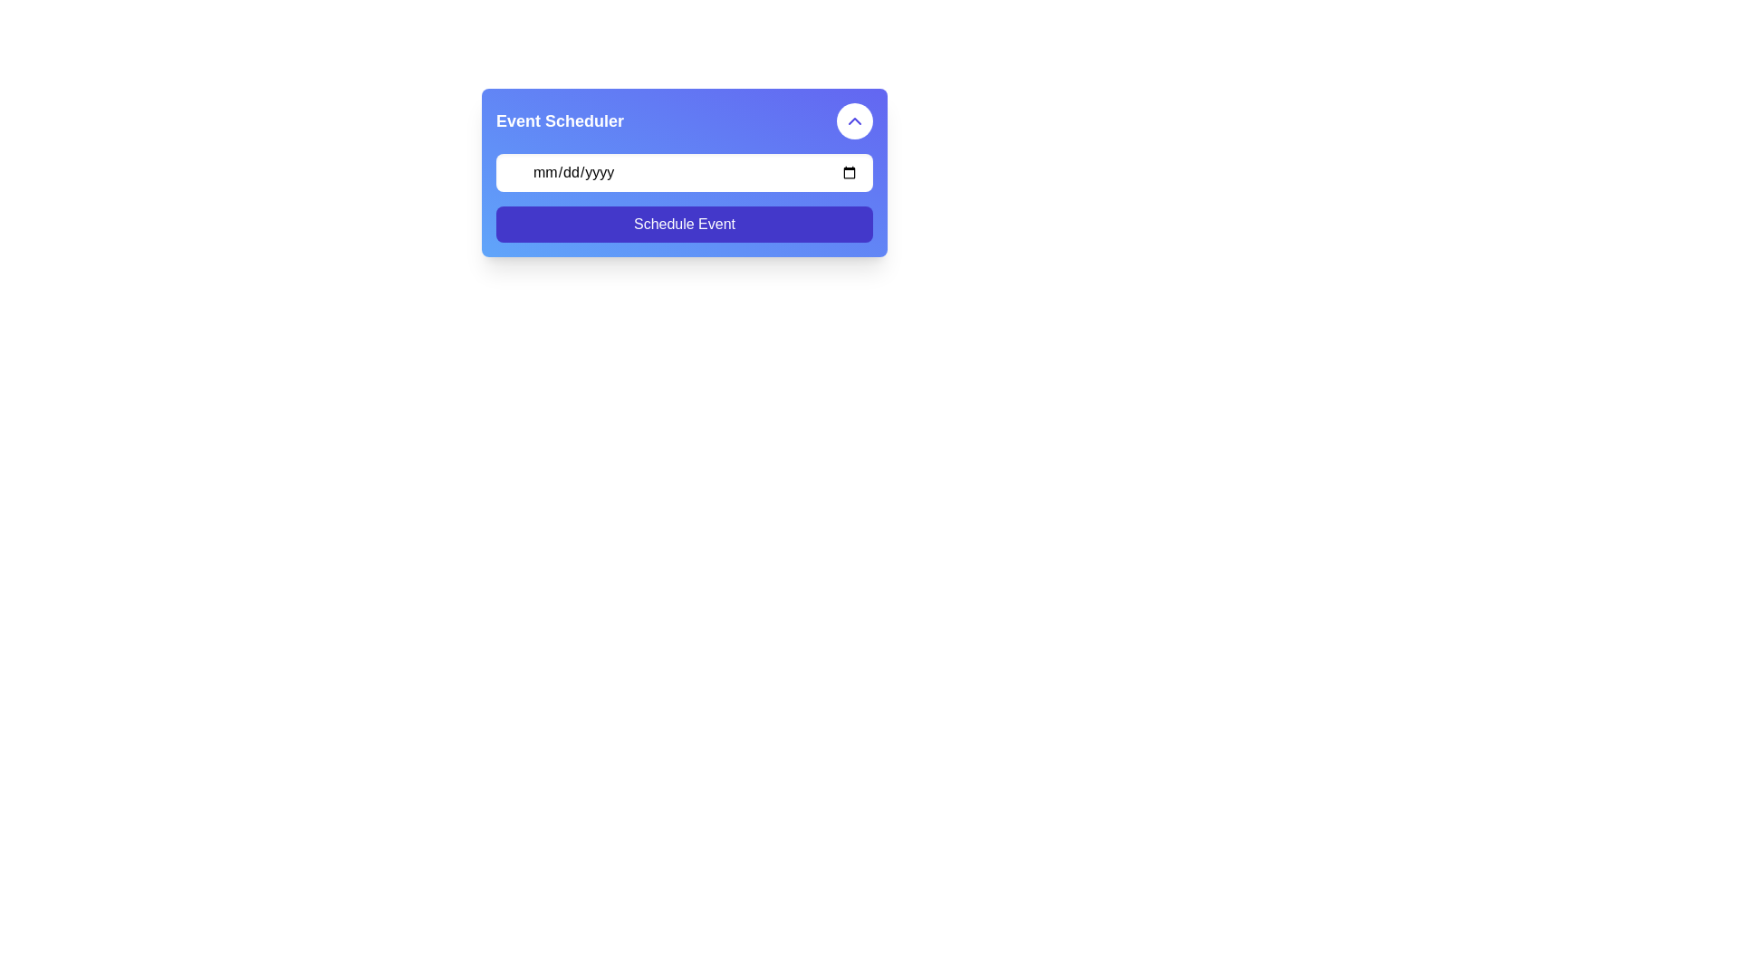 The height and width of the screenshot is (978, 1739). I want to click on the upward action SVG icon located in the top-right corner of the interface, to the right of the blue card containing form elements, so click(854, 121).